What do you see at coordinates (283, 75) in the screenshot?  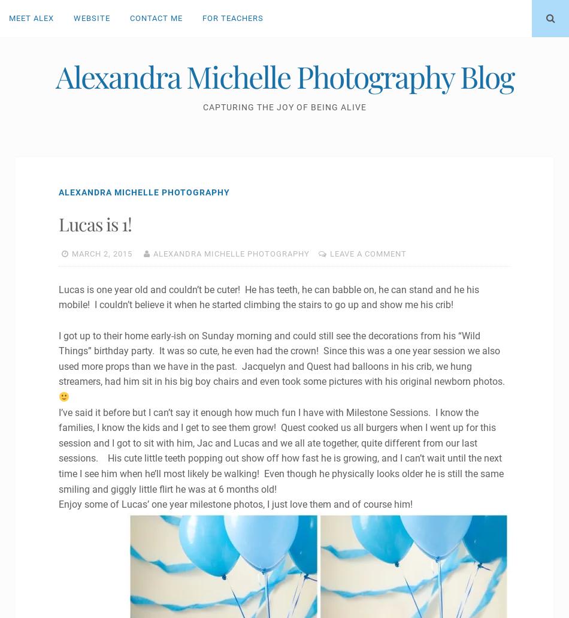 I see `'Alexandra Michelle Photography Blog'` at bounding box center [283, 75].